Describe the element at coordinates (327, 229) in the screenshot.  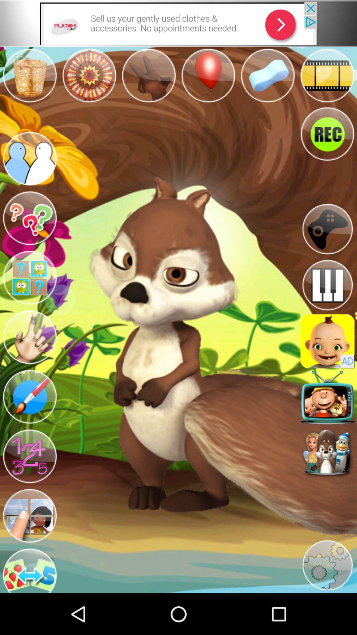
I see `option` at that location.